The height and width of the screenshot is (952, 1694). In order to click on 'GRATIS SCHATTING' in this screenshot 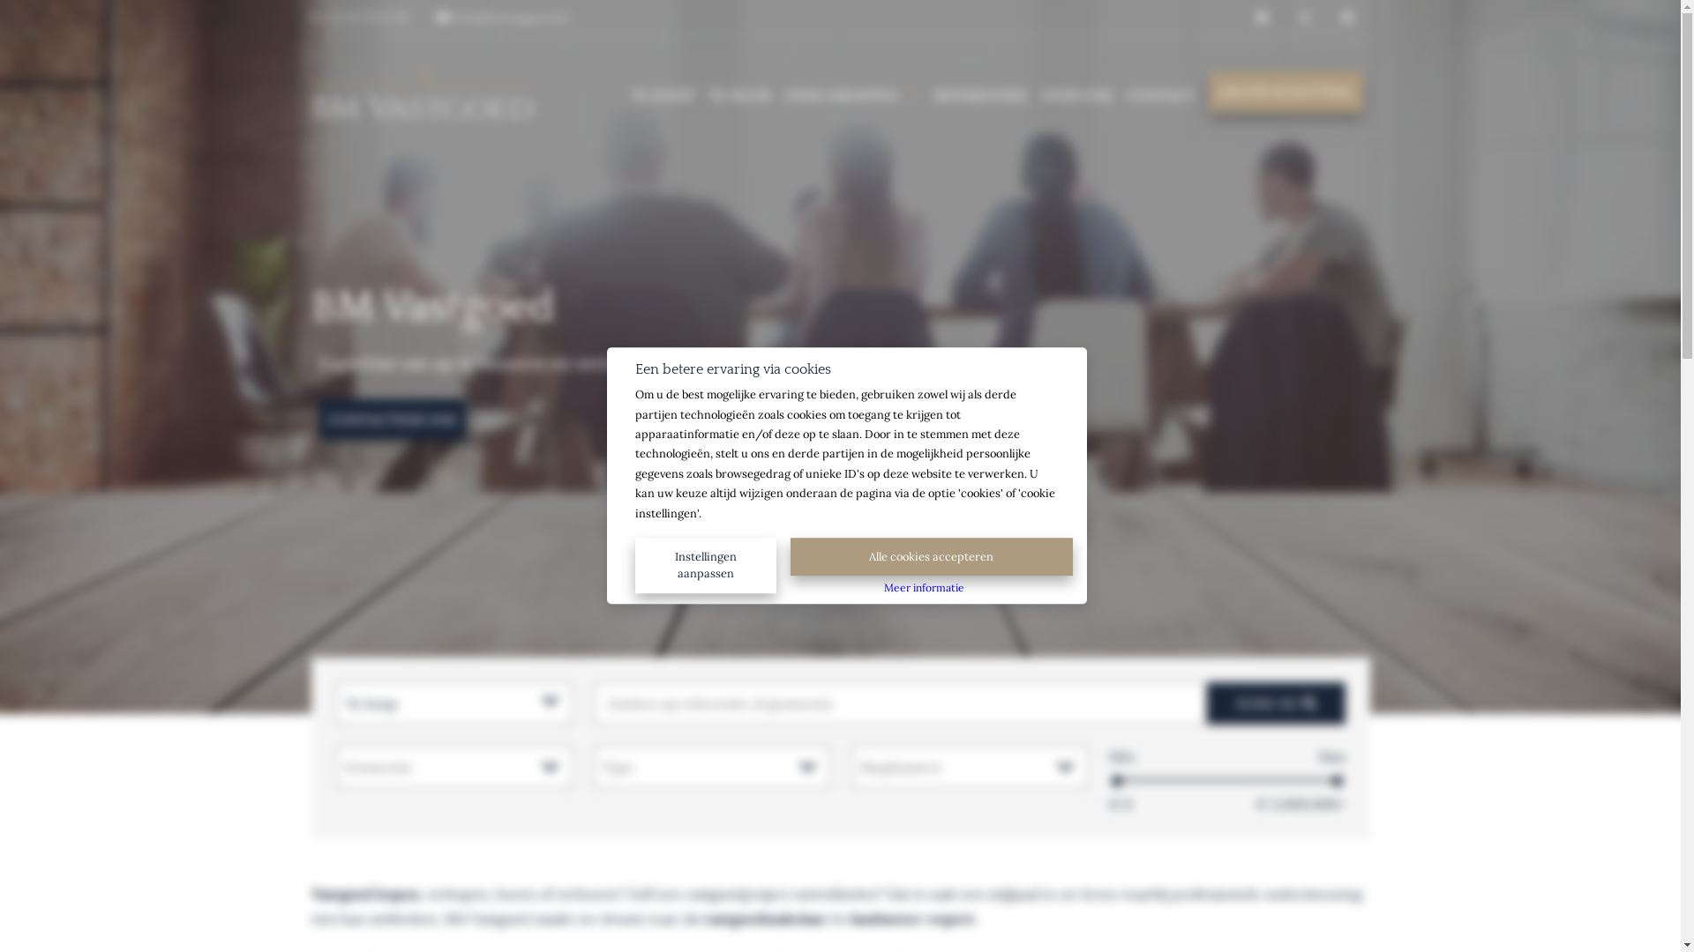, I will do `click(1285, 91)`.